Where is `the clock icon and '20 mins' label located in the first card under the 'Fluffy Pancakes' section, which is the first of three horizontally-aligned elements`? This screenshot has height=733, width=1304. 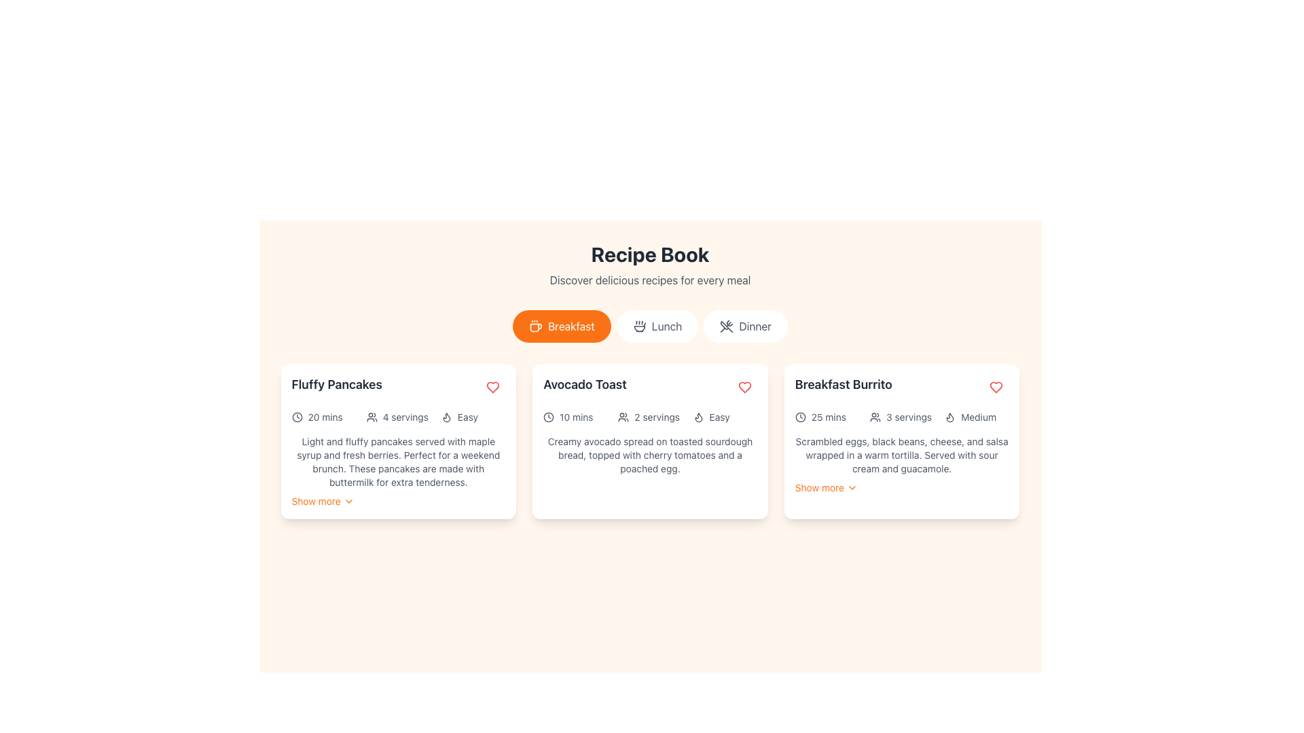 the clock icon and '20 mins' label located in the first card under the 'Fluffy Pancakes' section, which is the first of three horizontally-aligned elements is located at coordinates (323, 416).